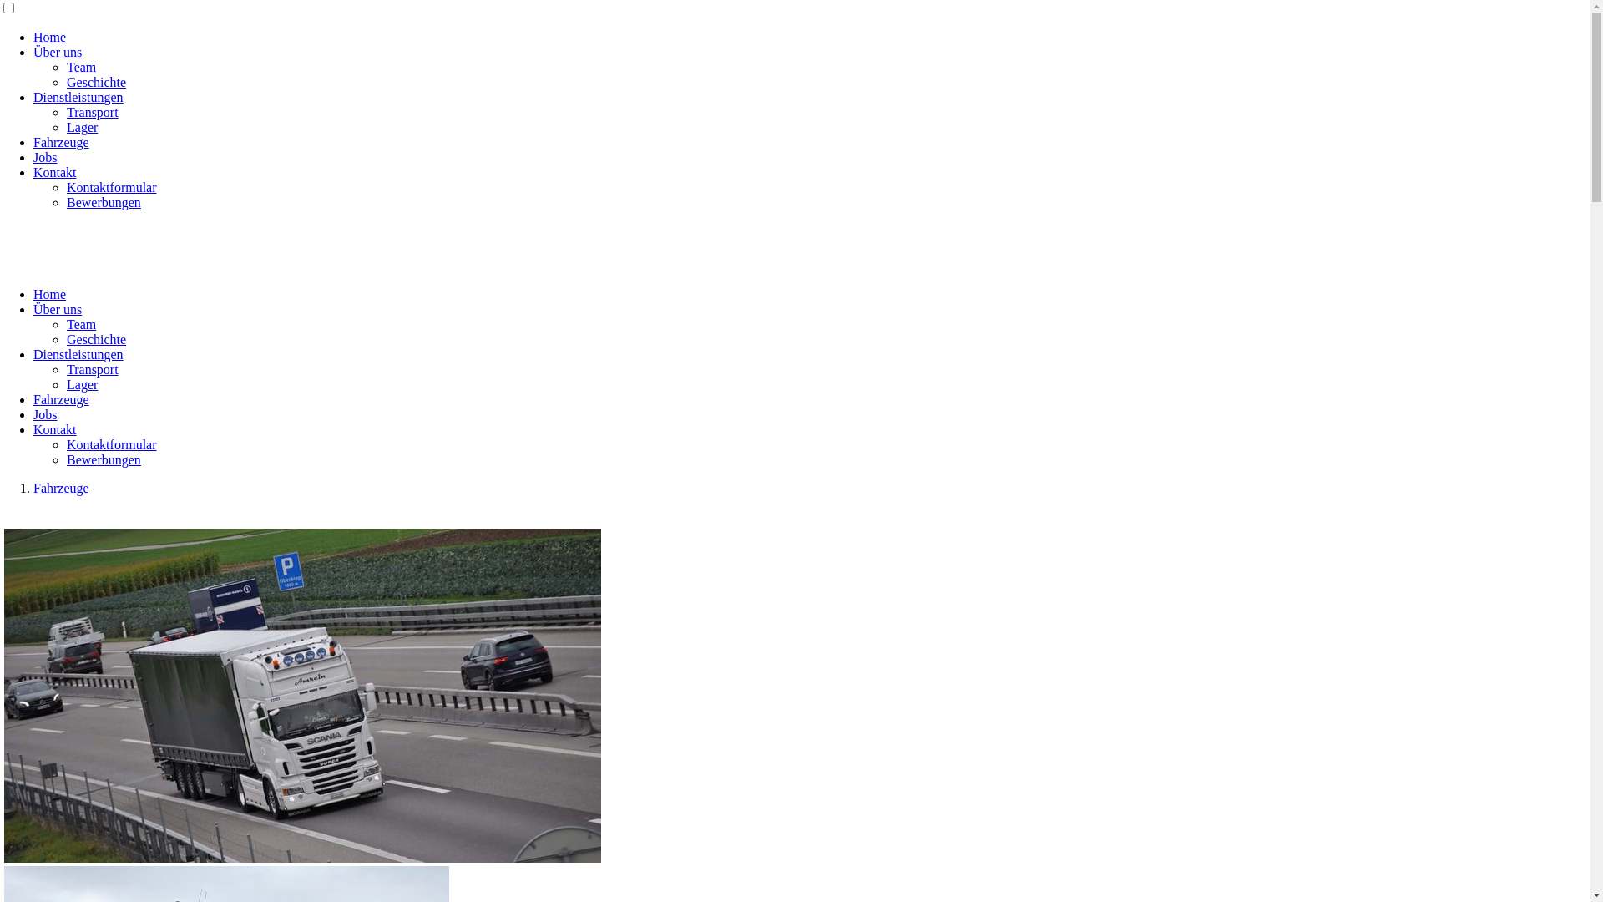 The height and width of the screenshot is (902, 1603). What do you see at coordinates (80, 66) in the screenshot?
I see `'Team'` at bounding box center [80, 66].